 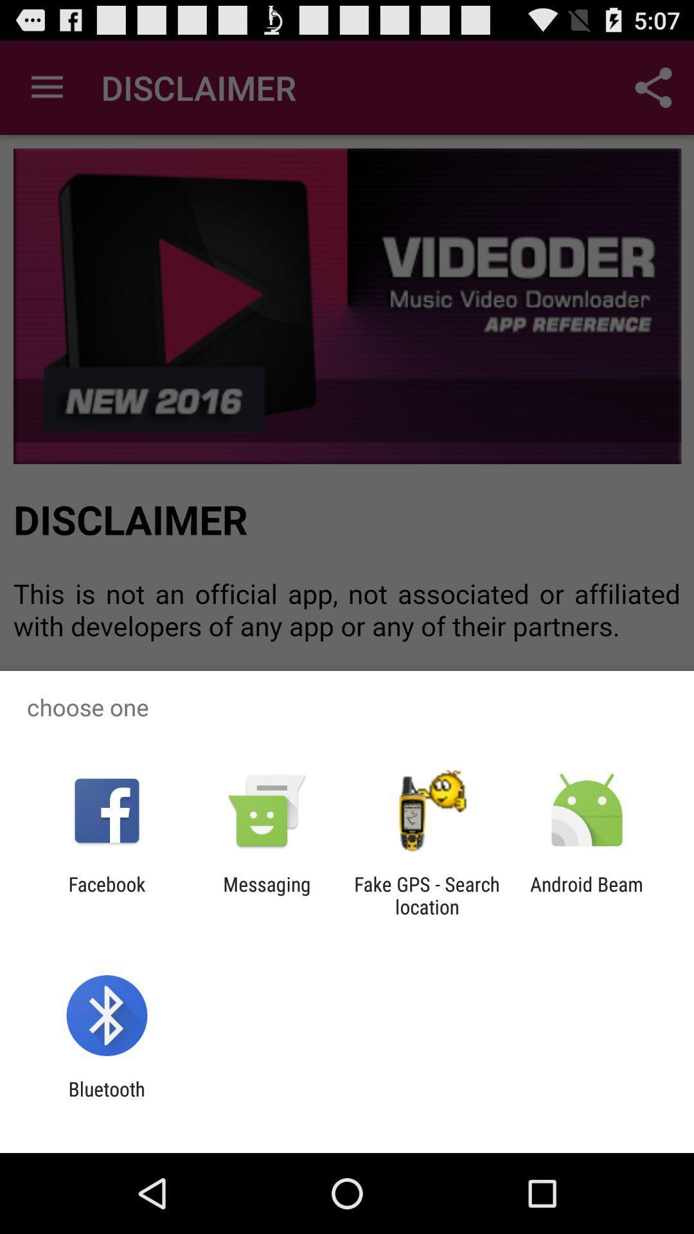 What do you see at coordinates (266, 895) in the screenshot?
I see `the item to the left of the fake gps search icon` at bounding box center [266, 895].